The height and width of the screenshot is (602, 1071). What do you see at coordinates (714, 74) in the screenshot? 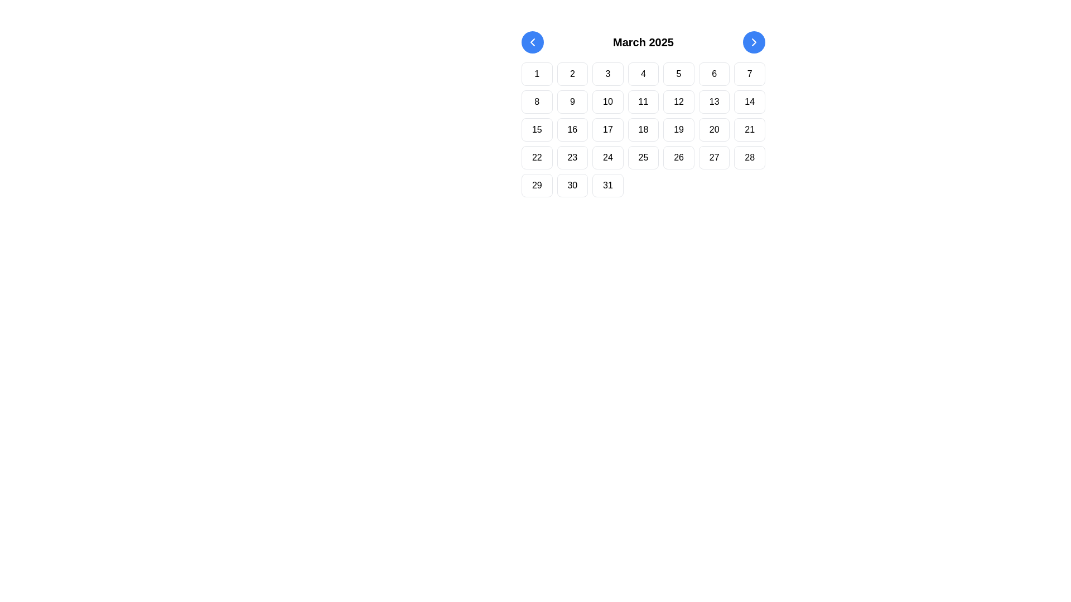
I see `displayed number on the button representing the sixth day of March 2025 in the calendar interface` at bounding box center [714, 74].